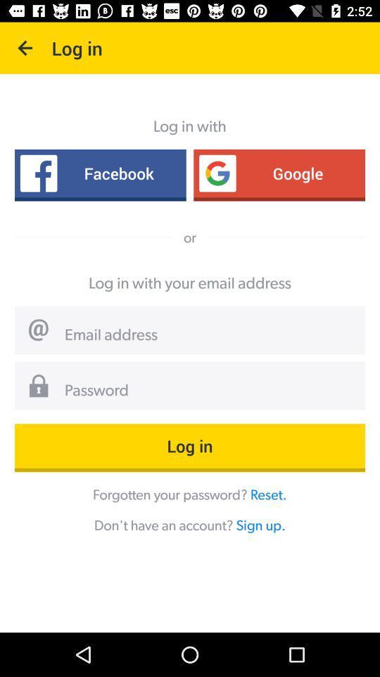 The height and width of the screenshot is (677, 380). I want to click on item to the right of facebook icon, so click(279, 172).